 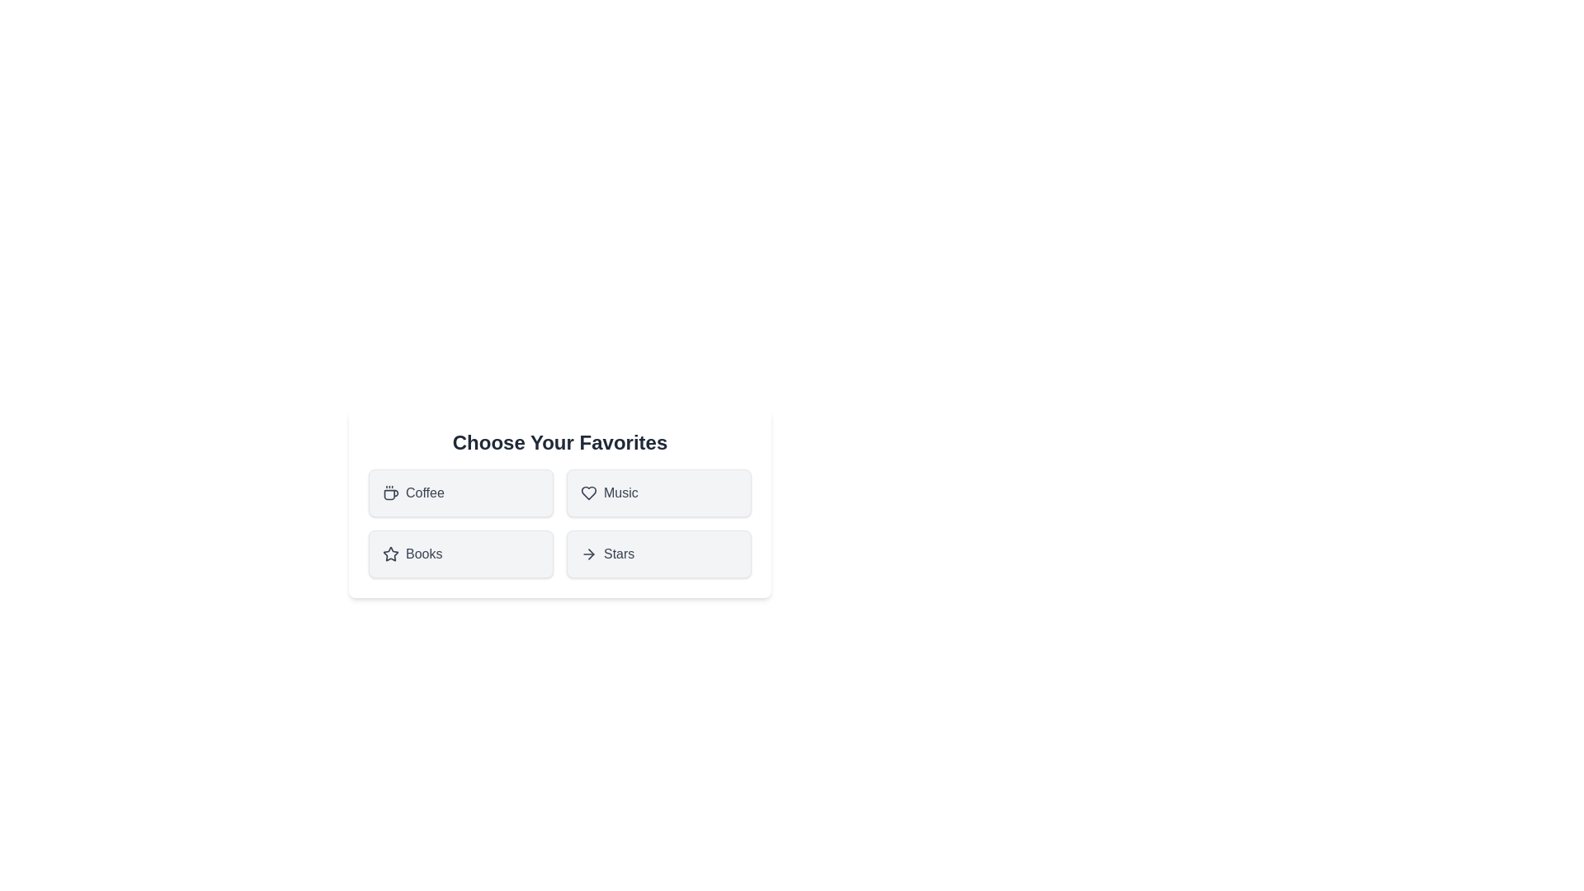 What do you see at coordinates (559, 441) in the screenshot?
I see `the text label that says 'Choose Your Favorites', which is styled with a bold and large dark gray font, positioned above a grid of selectable options` at bounding box center [559, 441].